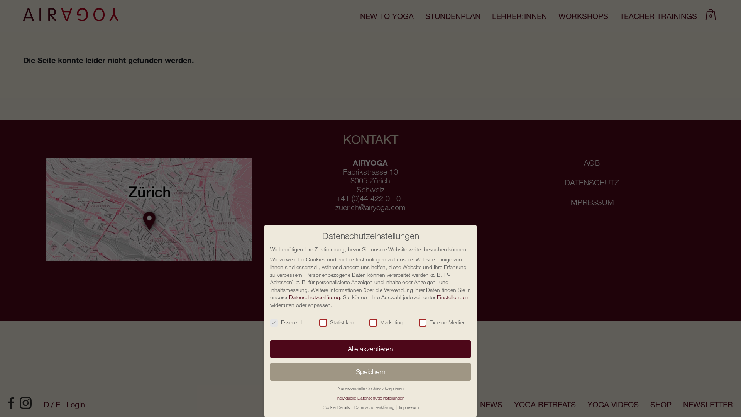 Image resolution: width=741 pixels, height=417 pixels. Describe the element at coordinates (591, 202) in the screenshot. I see `'IMPRESSUM'` at that location.